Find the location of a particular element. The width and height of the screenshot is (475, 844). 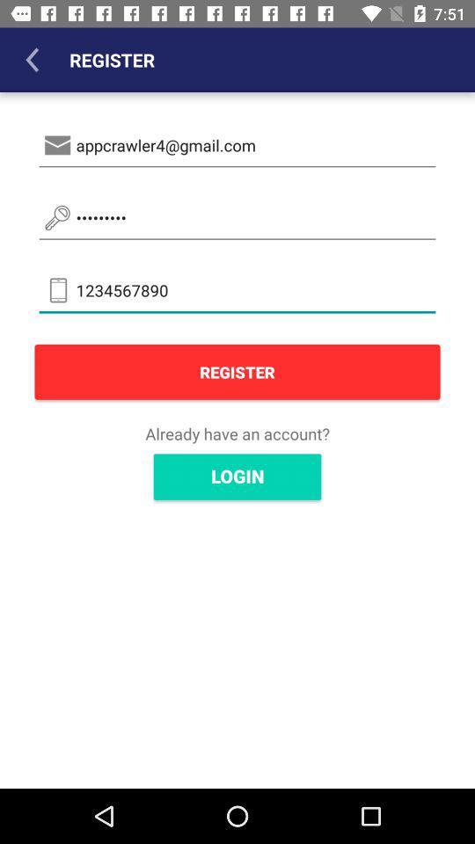

the item above the 1234567890 is located at coordinates (237, 217).